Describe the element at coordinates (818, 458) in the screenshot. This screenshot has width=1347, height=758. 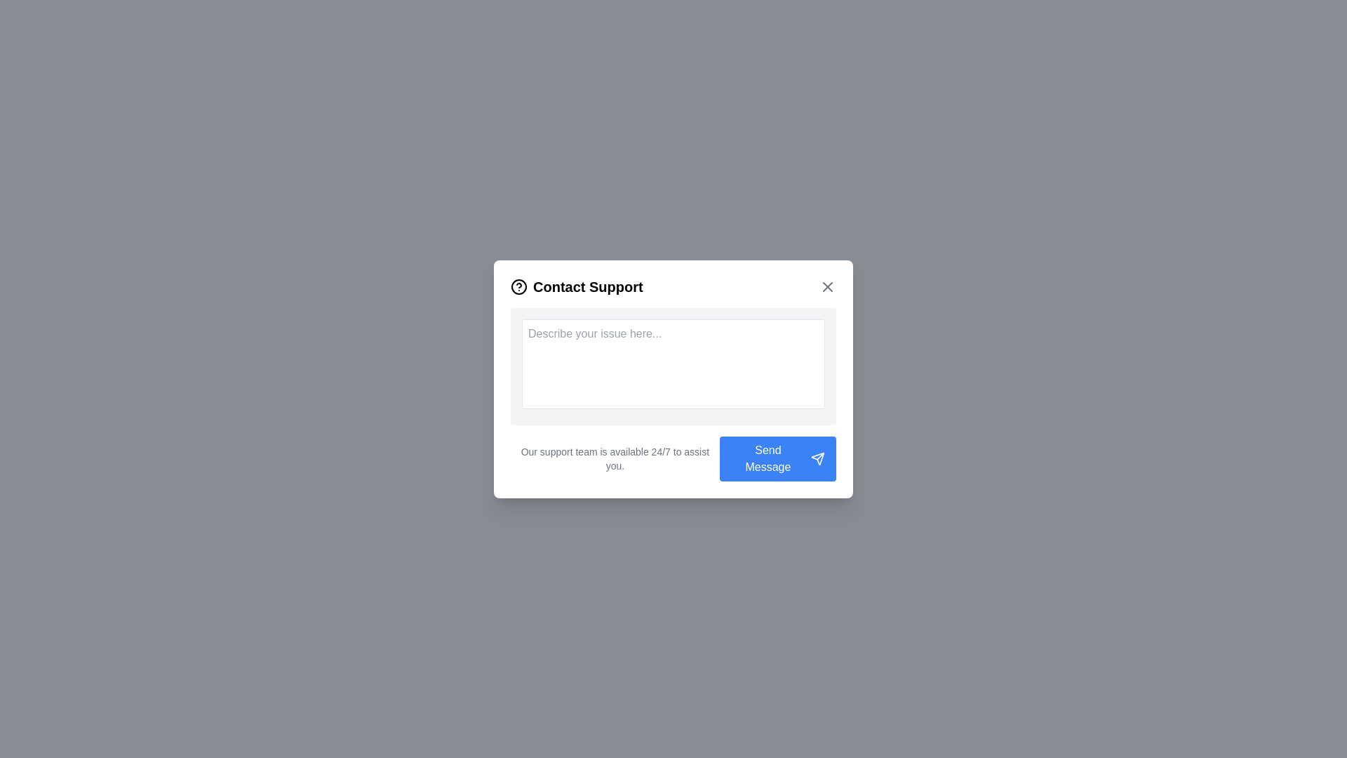
I see `the triangular 'send' icon within the 'Send Message' button located at the bottom-right corner of the 'Contact Support' modal` at that location.